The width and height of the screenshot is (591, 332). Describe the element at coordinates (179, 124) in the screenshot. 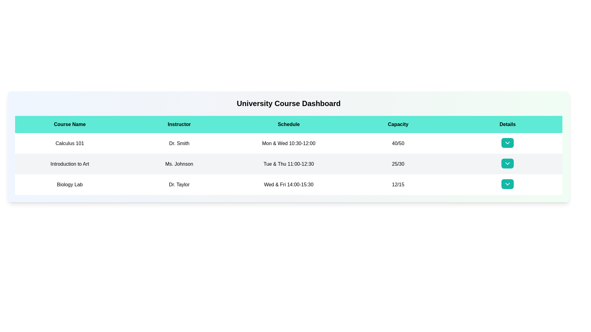

I see `the text label that serves as a header for the column containing information about instructors, located between the 'Course Name' and 'Schedule' headers in the table` at that location.